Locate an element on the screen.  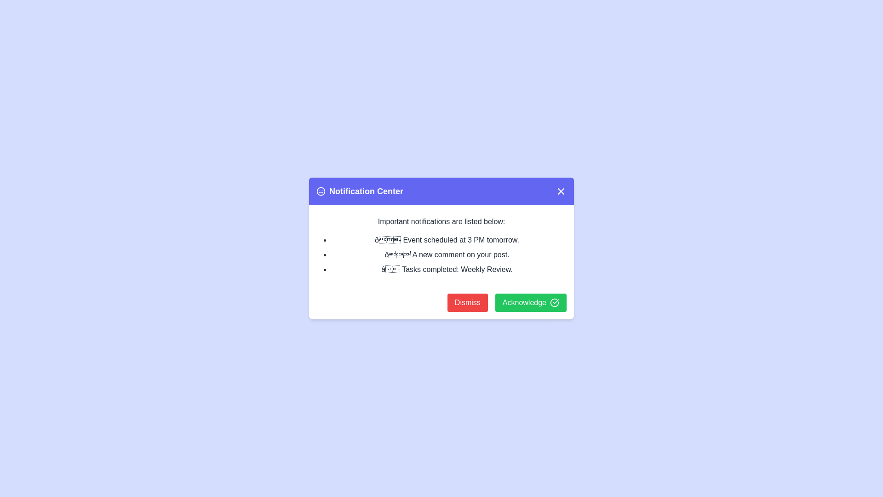
the 'X' button to close the dialog is located at coordinates (560, 191).